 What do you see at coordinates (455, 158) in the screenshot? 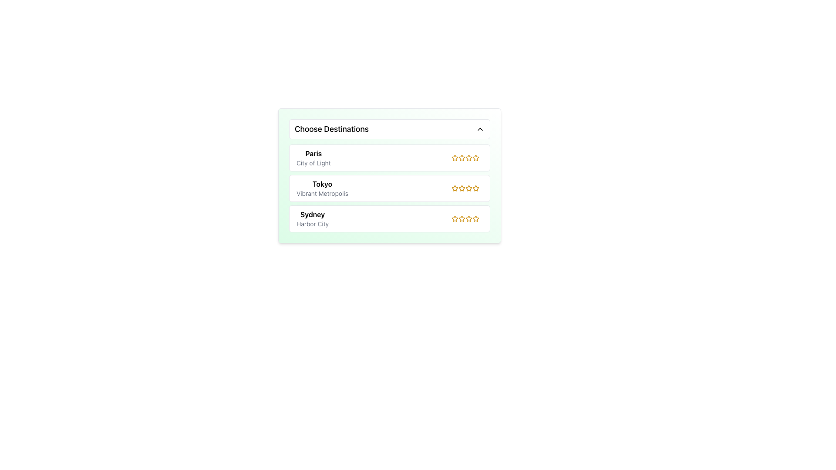
I see `the first star rating icon for the 'Paris' option to see available options` at bounding box center [455, 158].